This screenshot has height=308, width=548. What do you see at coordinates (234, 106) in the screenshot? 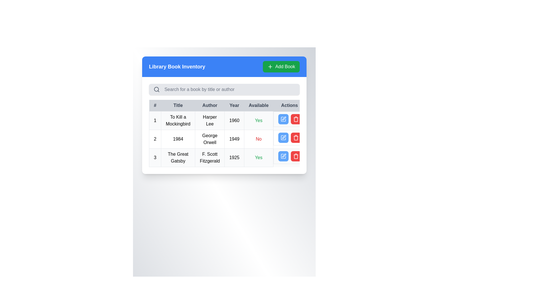
I see `the table header labeled 'Year', which is displayed in a medium-dark font against a light gray background, positioned between 'Author' and 'Available'` at bounding box center [234, 106].